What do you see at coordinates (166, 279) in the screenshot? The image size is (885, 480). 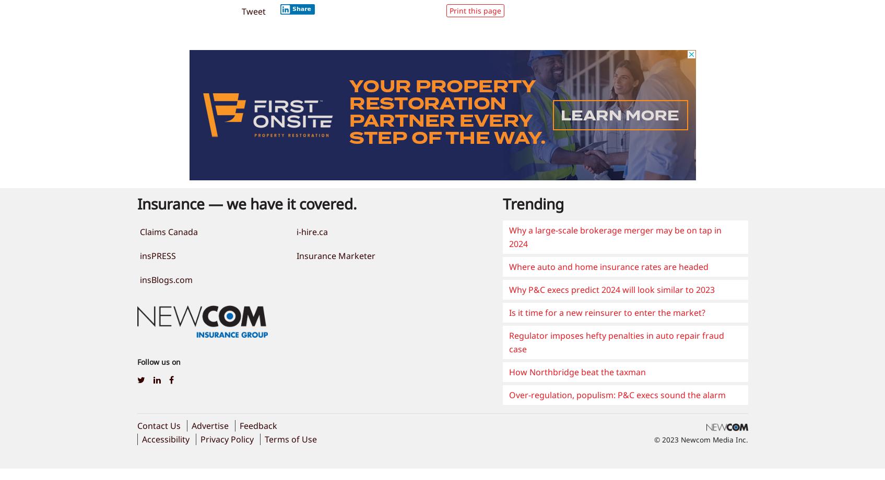 I see `'insBlogs.com'` at bounding box center [166, 279].